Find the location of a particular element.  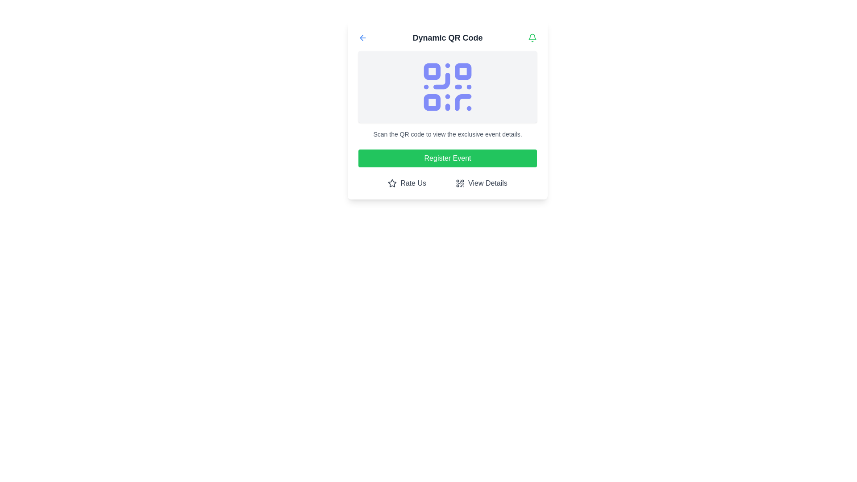

the 'View Details' button which contains a QR code icon characterized by square modules and blue shades, located to the left of the button's text label is located at coordinates (460, 183).